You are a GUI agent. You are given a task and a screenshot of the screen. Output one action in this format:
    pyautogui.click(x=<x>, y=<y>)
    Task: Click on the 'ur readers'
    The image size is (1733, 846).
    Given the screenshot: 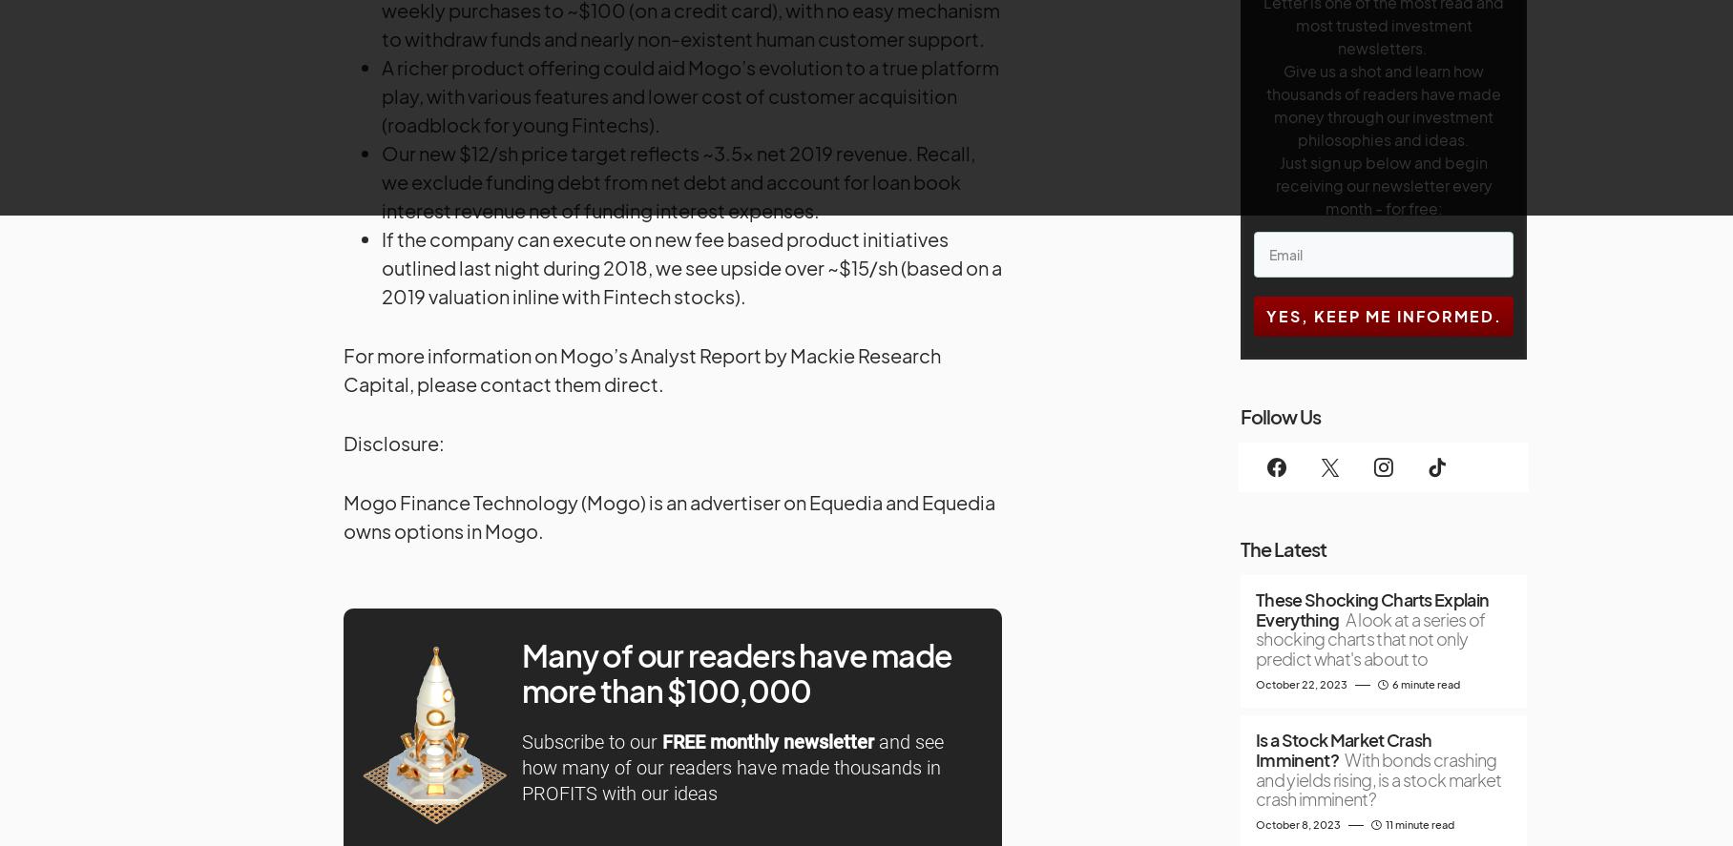 What is the action you would take?
    pyautogui.click(x=723, y=653)
    